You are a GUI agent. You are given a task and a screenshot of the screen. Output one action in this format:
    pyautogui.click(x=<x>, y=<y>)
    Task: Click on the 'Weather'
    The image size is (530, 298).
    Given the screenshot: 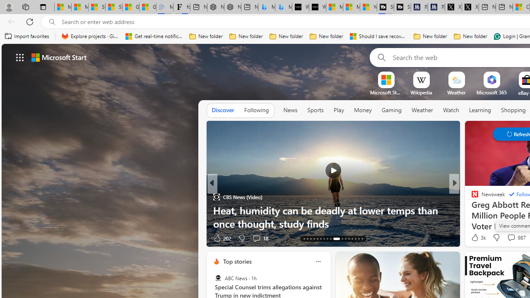 What is the action you would take?
    pyautogui.click(x=422, y=110)
    